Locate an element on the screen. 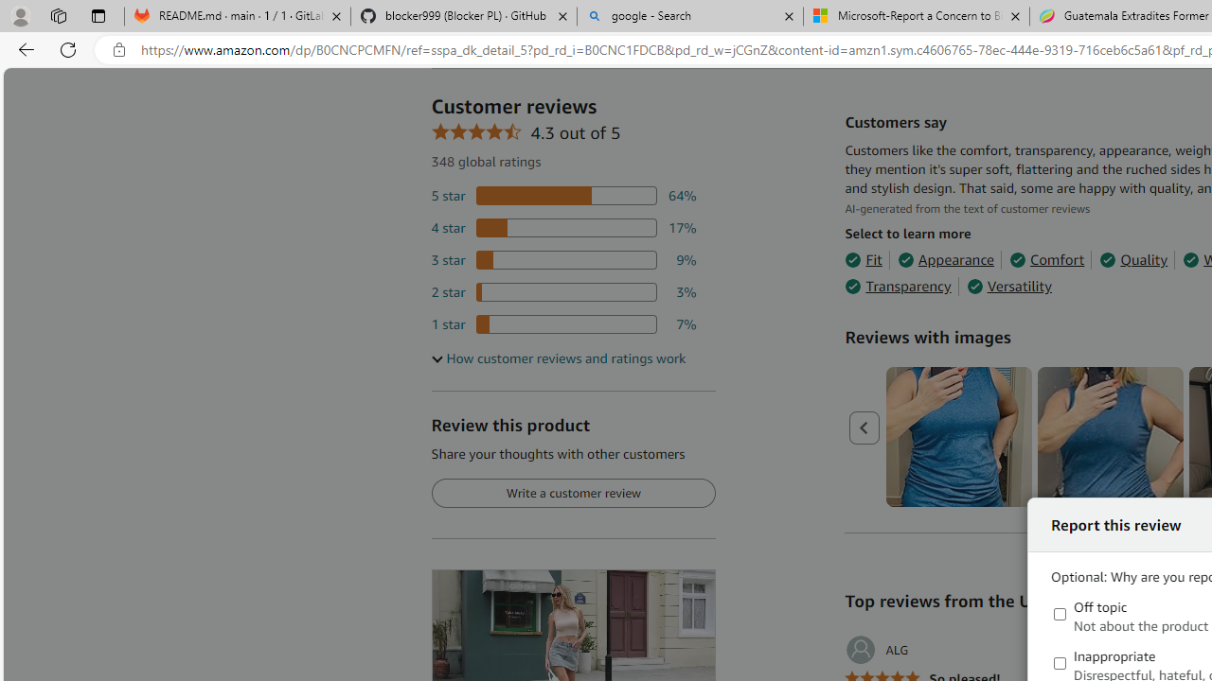 Image resolution: width=1212 pixels, height=681 pixels. 'Transparency' is located at coordinates (897, 287).